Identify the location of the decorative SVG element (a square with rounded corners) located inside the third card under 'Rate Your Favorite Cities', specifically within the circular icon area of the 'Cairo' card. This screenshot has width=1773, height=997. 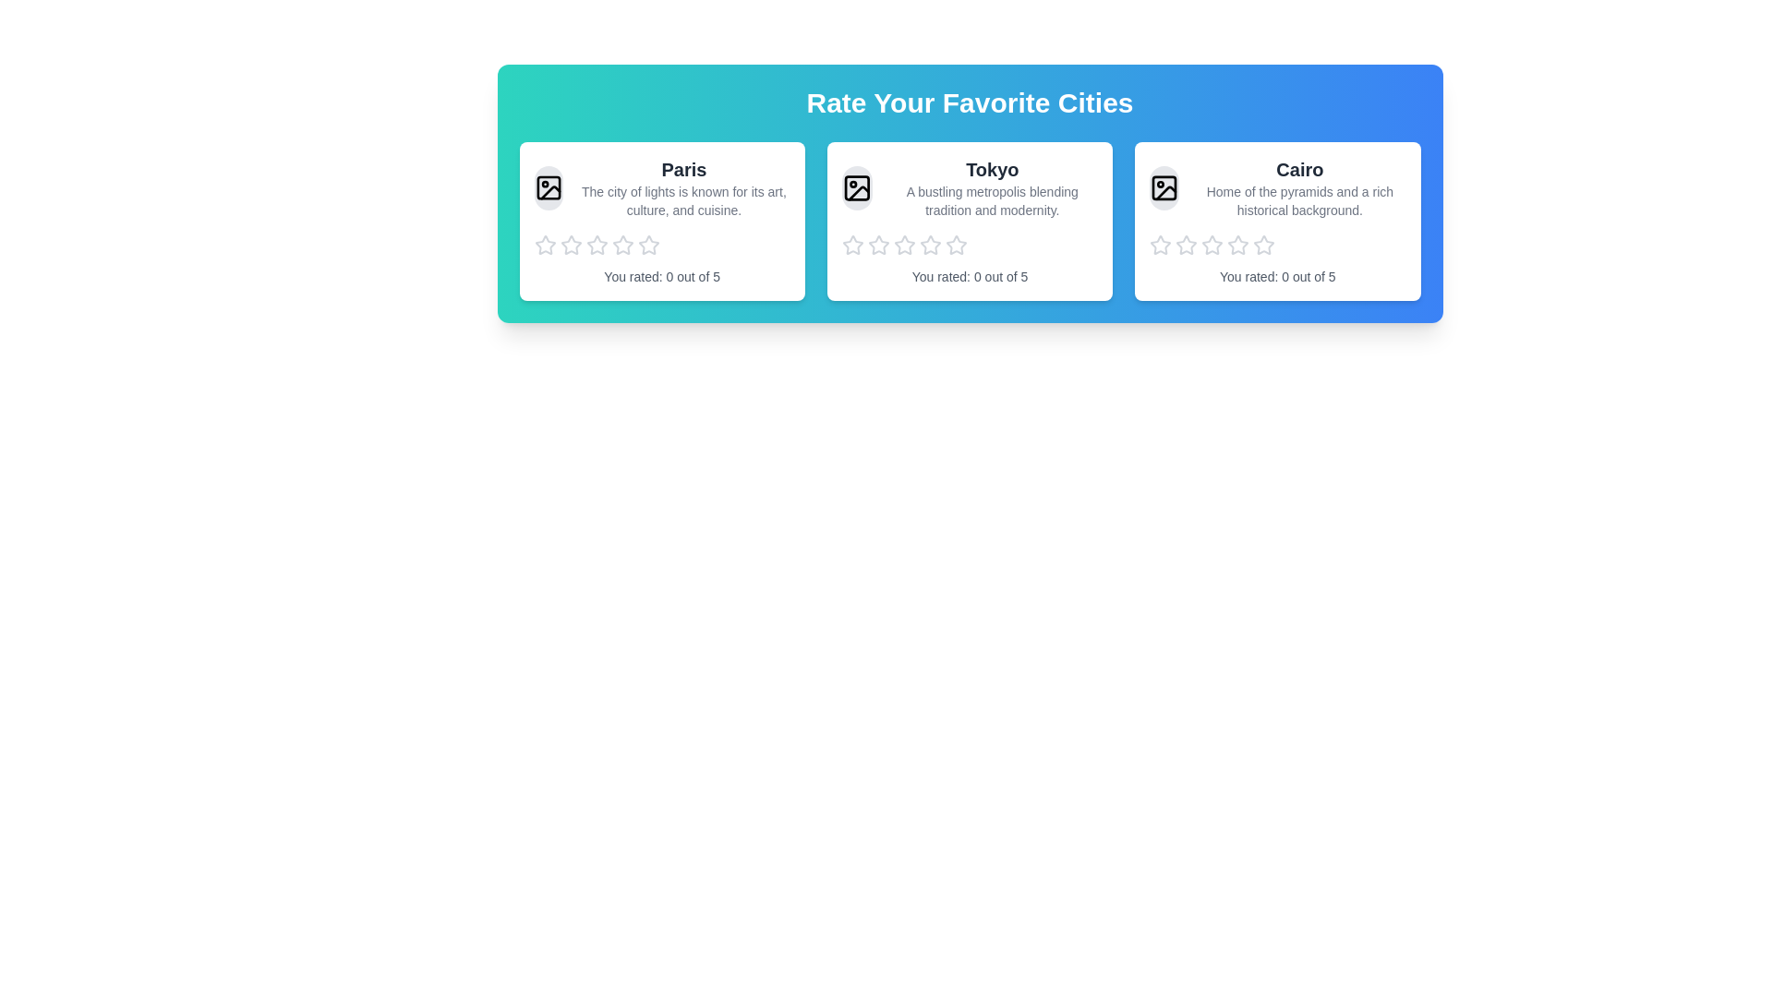
(1164, 188).